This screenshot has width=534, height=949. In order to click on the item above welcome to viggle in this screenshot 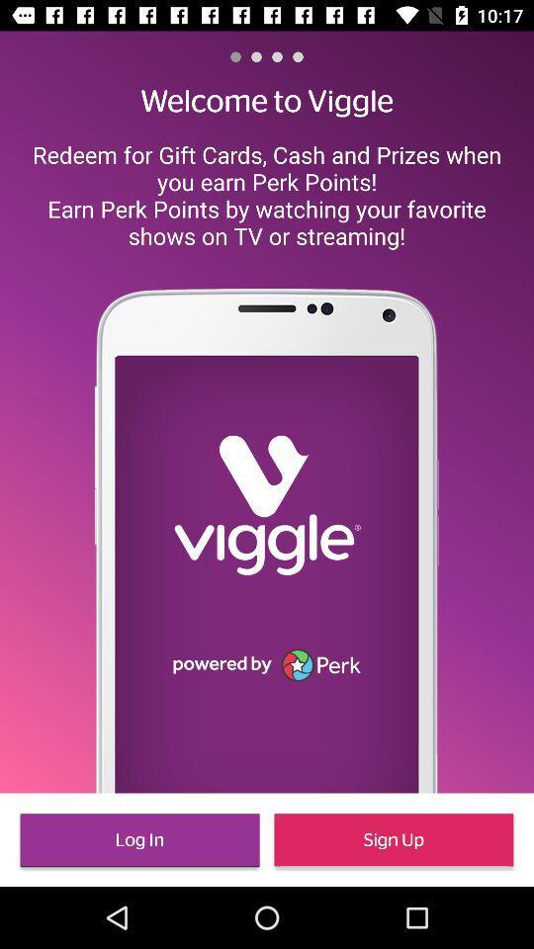, I will do `click(256, 55)`.